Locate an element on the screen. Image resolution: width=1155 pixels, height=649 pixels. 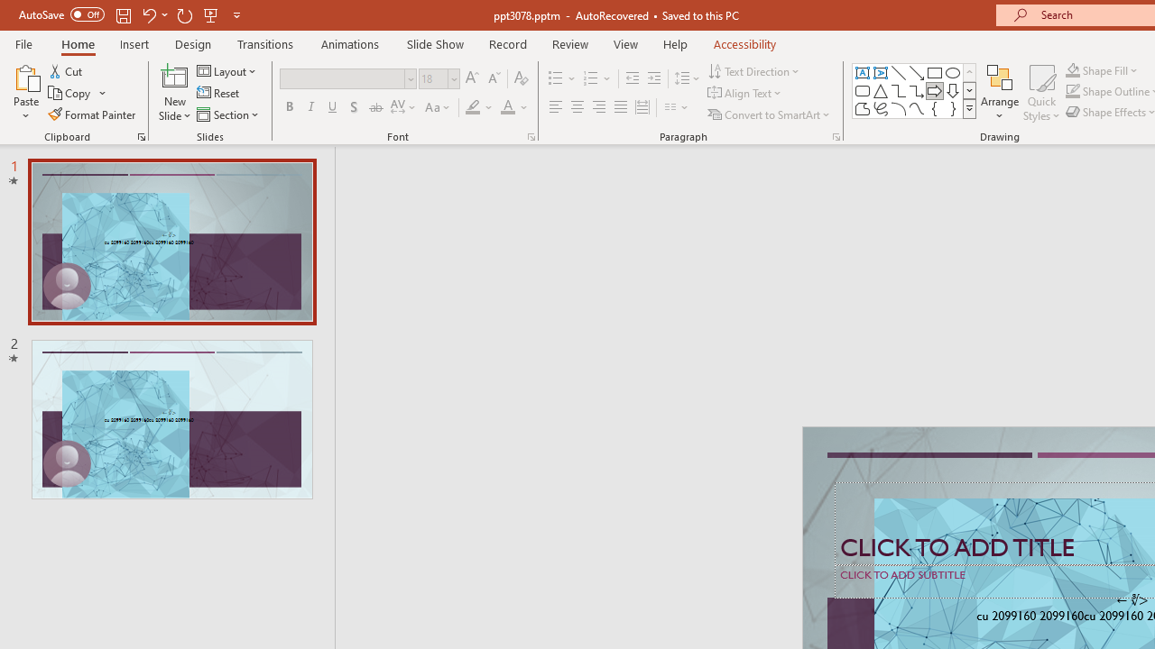
'Shape Fill Dark Green, Accent 2' is located at coordinates (1073, 69).